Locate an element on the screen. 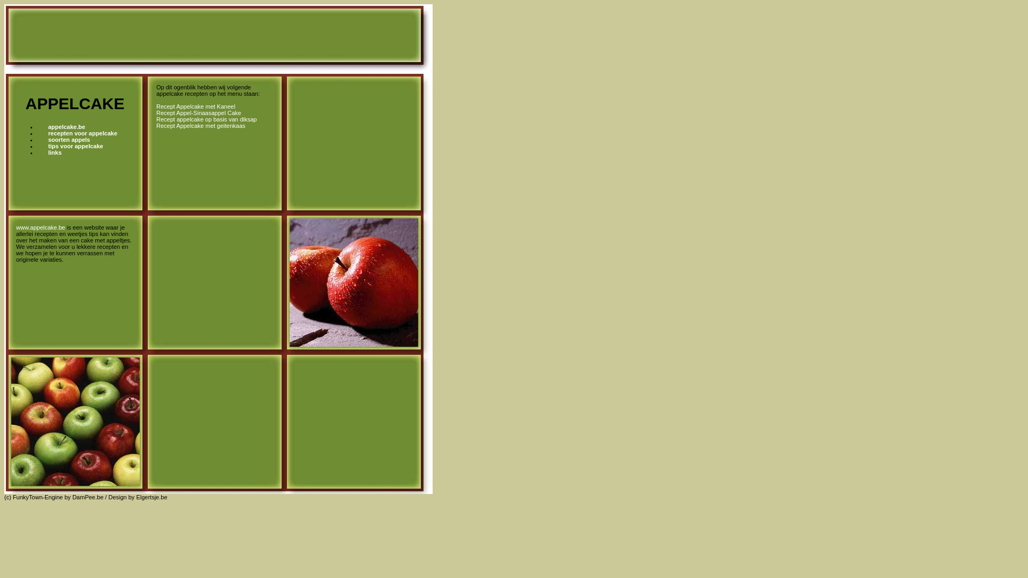 This screenshot has width=1028, height=578. 'Recept Appelcake met Kaneel' is located at coordinates (195, 107).